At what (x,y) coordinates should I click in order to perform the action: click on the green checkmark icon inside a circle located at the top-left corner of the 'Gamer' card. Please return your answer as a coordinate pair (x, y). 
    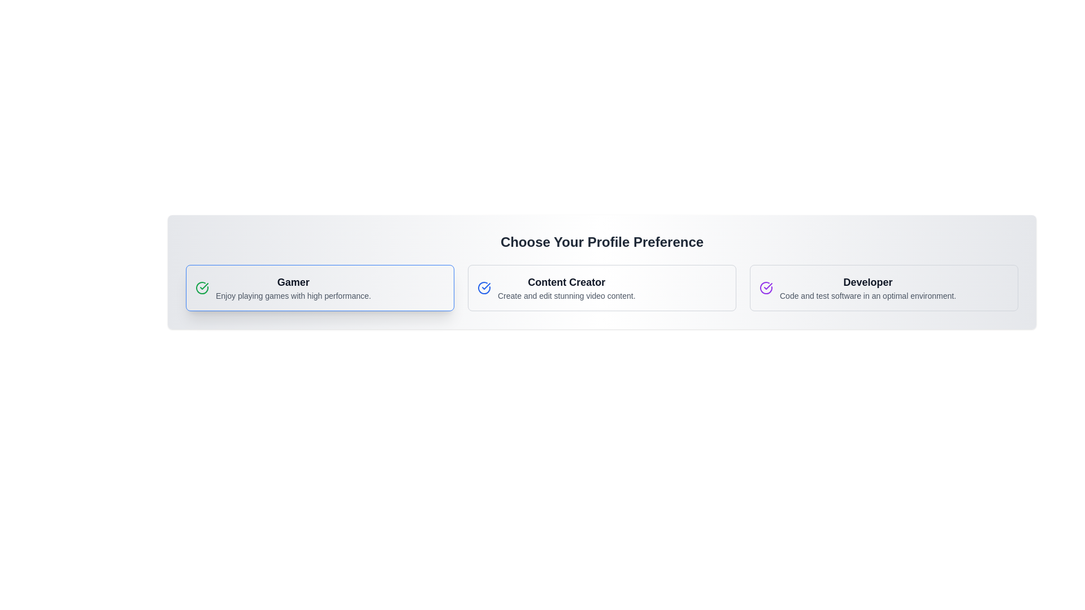
    Looking at the image, I should click on (202, 287).